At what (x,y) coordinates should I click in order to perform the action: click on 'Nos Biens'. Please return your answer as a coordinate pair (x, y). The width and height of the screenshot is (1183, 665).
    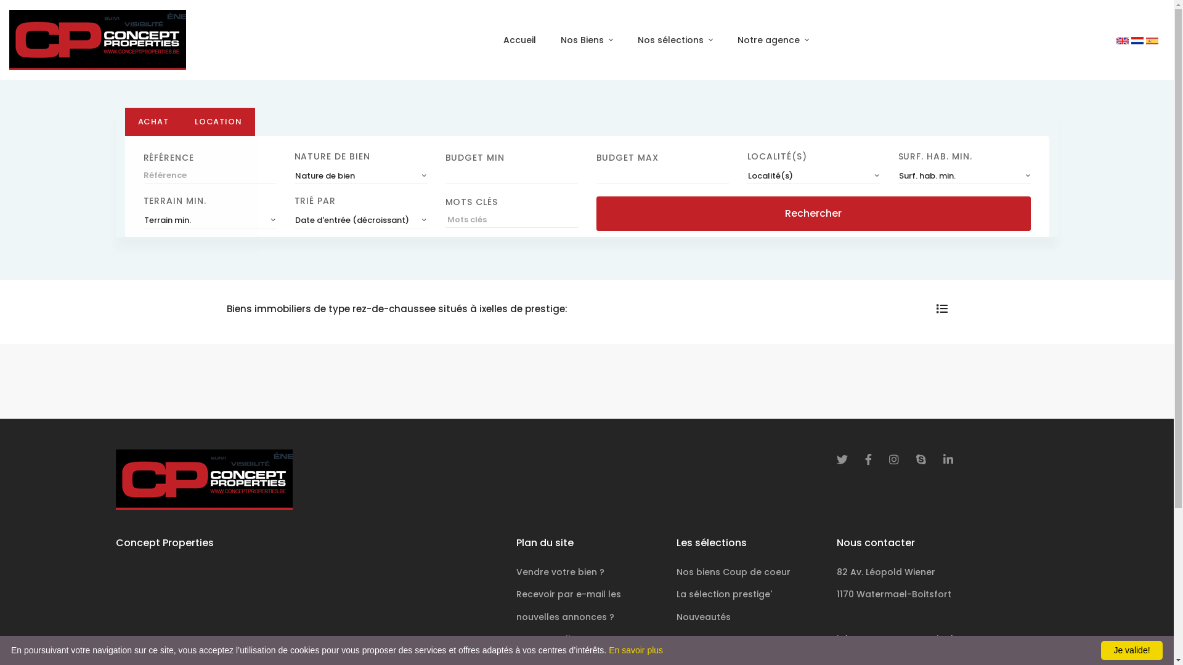
    Looking at the image, I should click on (586, 39).